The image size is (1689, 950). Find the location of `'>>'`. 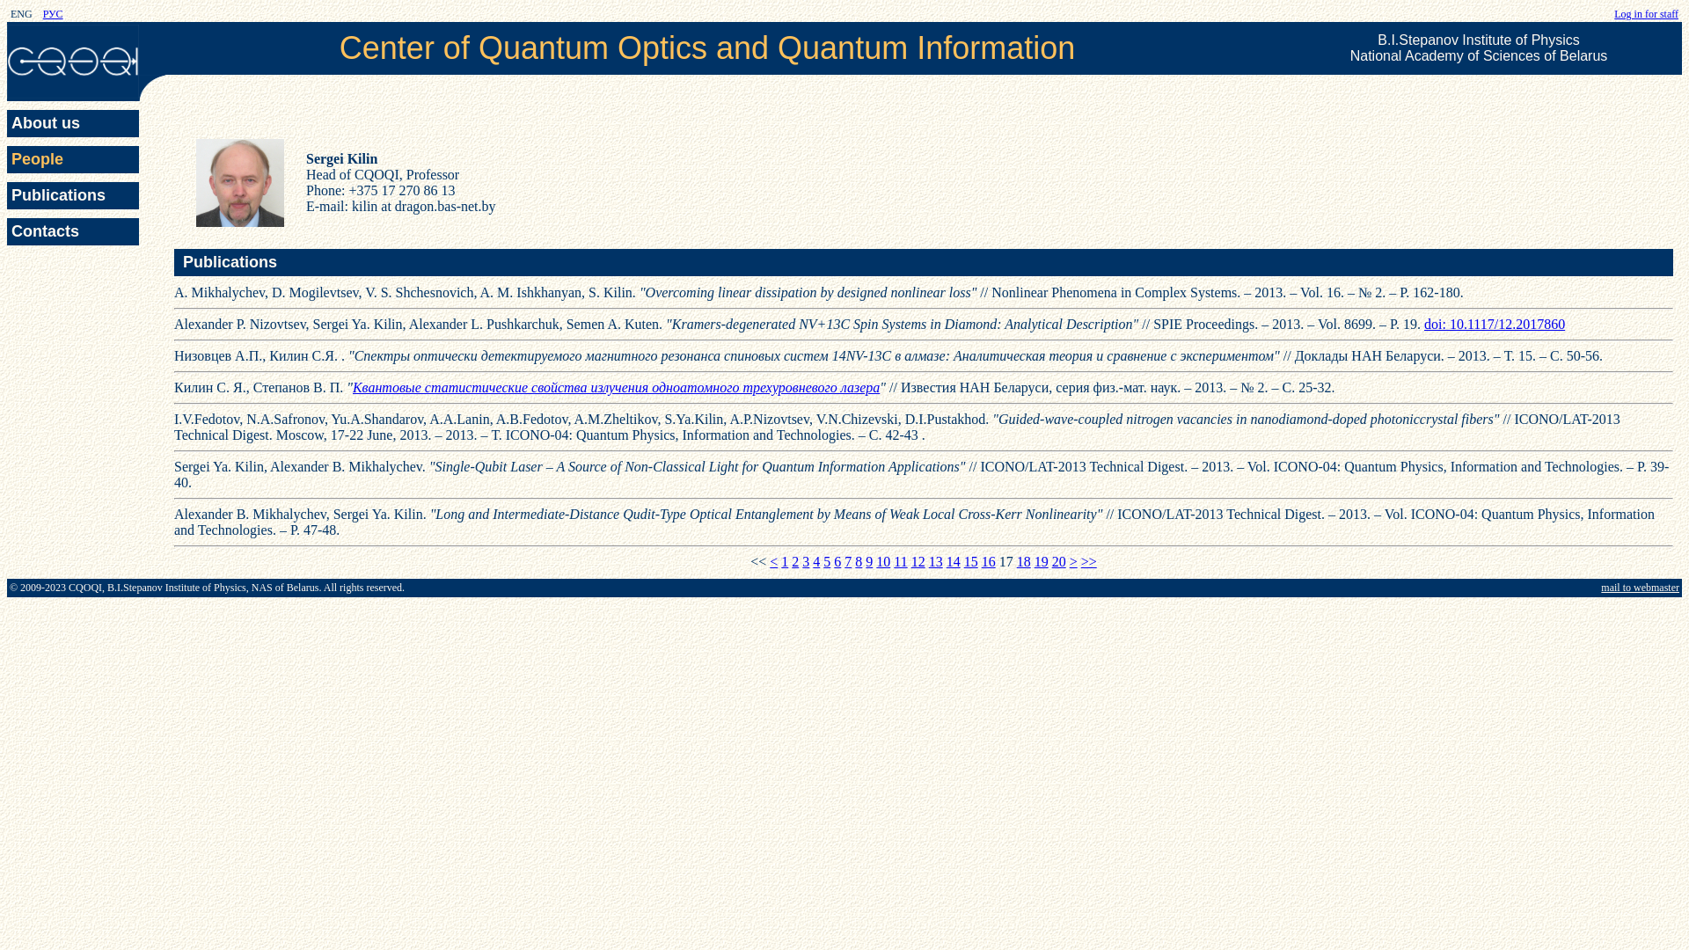

'>>' is located at coordinates (1088, 561).